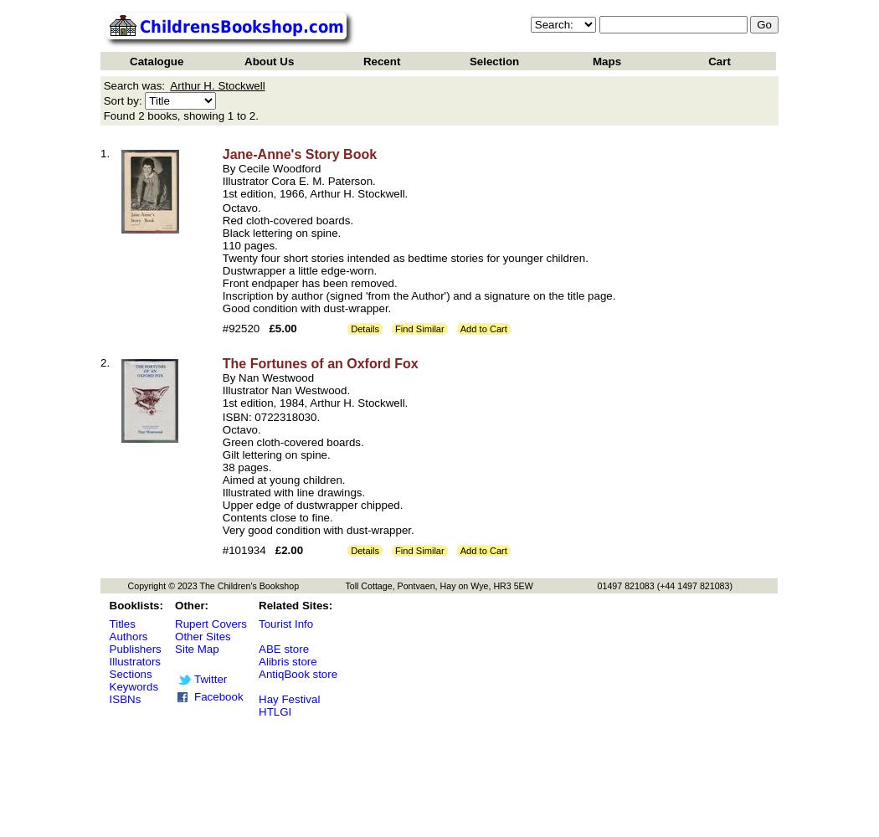 The width and height of the screenshot is (879, 837). I want to click on 'Found 2 books, showing 1 to 2.', so click(179, 116).